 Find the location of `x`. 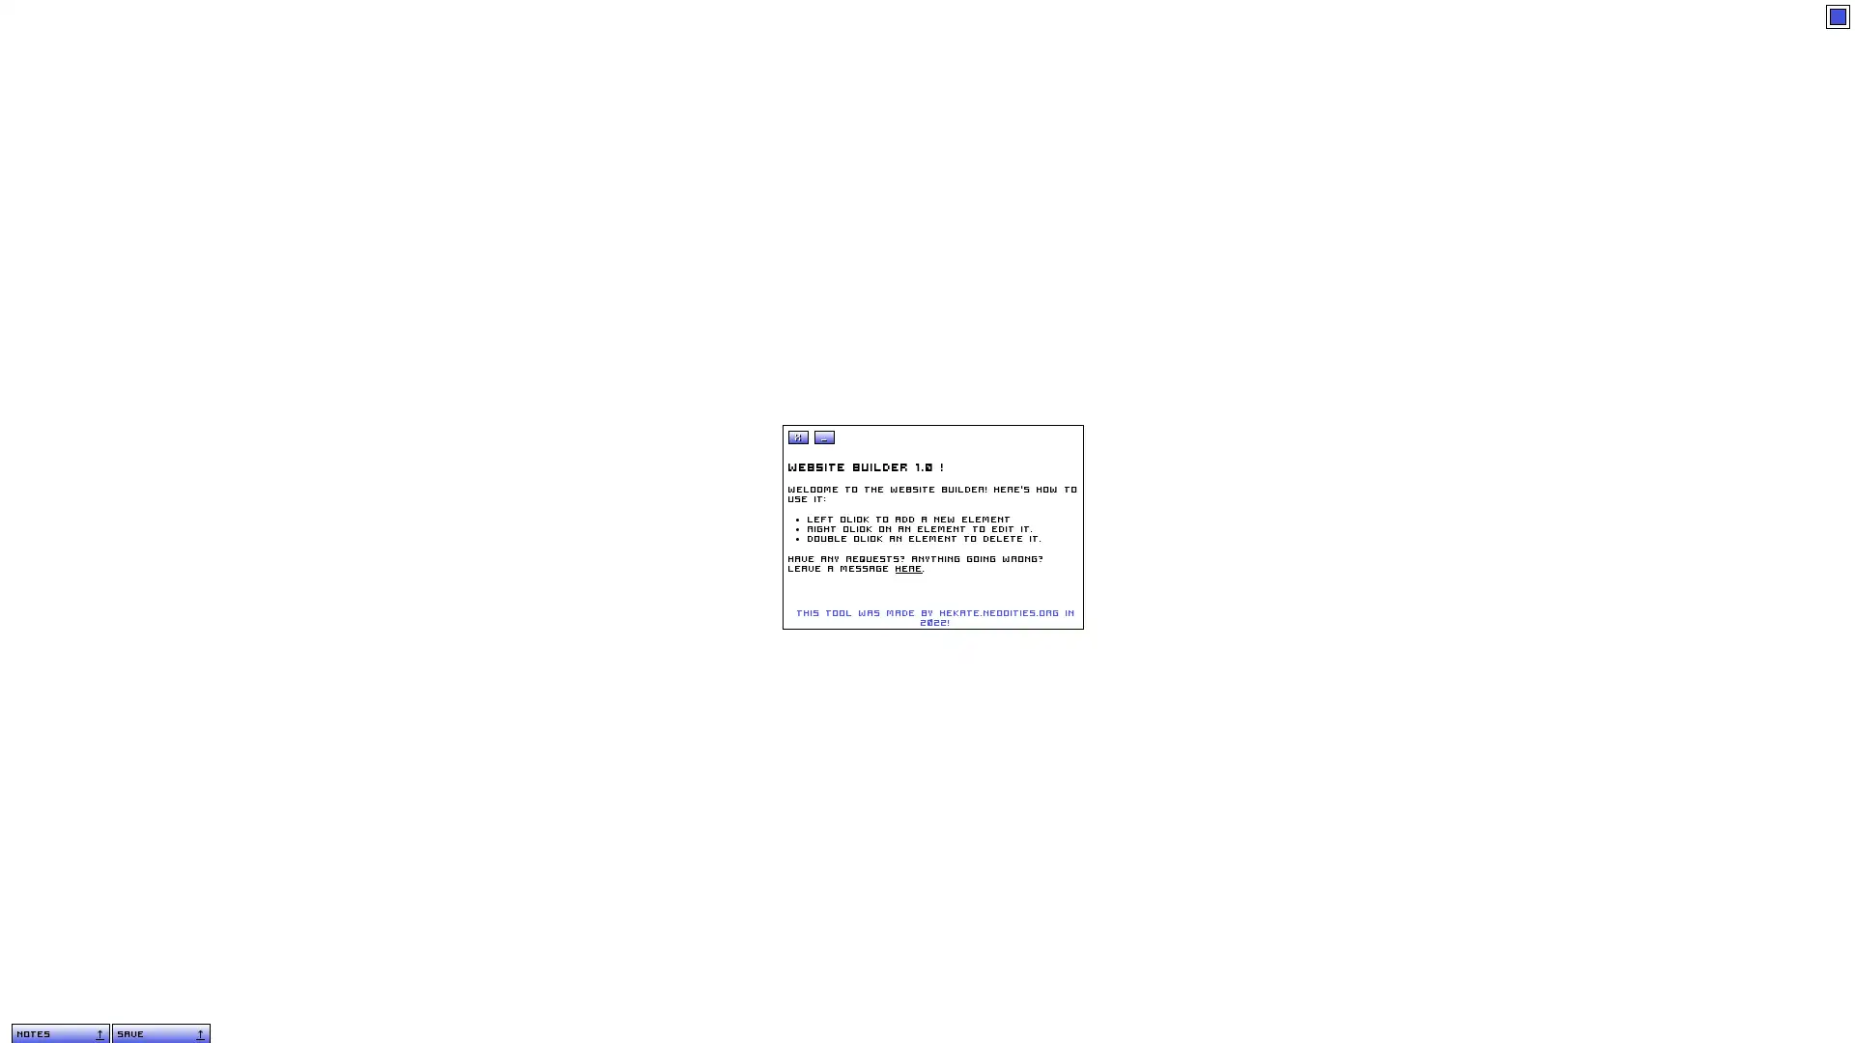

x is located at coordinates (798, 437).